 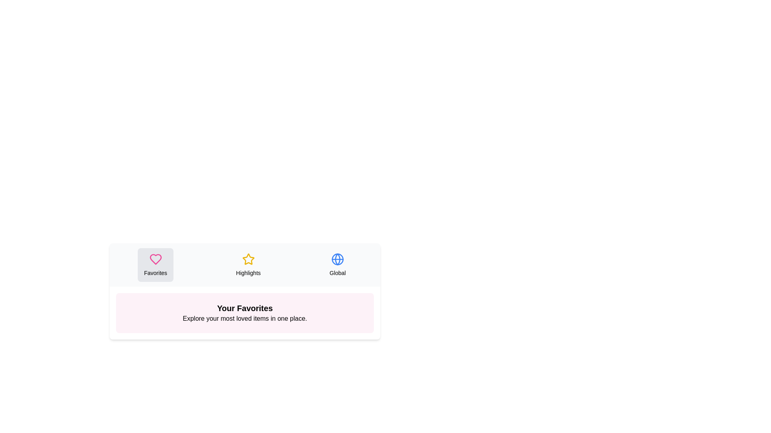 What do you see at coordinates (248, 265) in the screenshot?
I see `the Highlights tab to see its hover effect` at bounding box center [248, 265].